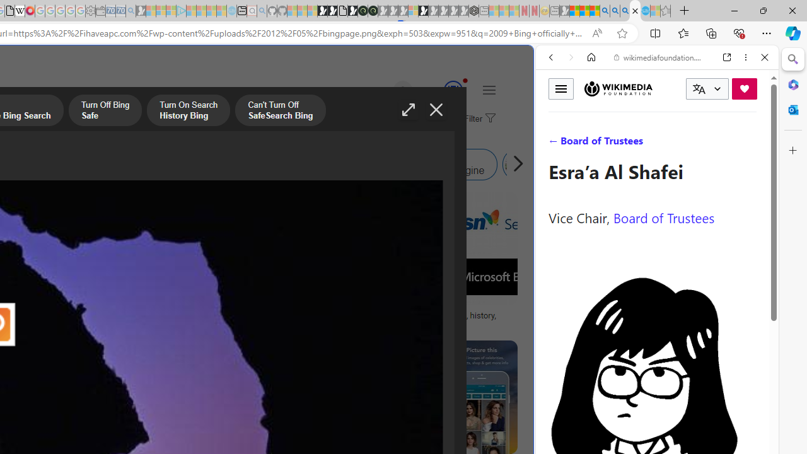 This screenshot has height=454, width=807. Describe the element at coordinates (564, 11) in the screenshot. I see `'MSN - Sleeping'` at that location.